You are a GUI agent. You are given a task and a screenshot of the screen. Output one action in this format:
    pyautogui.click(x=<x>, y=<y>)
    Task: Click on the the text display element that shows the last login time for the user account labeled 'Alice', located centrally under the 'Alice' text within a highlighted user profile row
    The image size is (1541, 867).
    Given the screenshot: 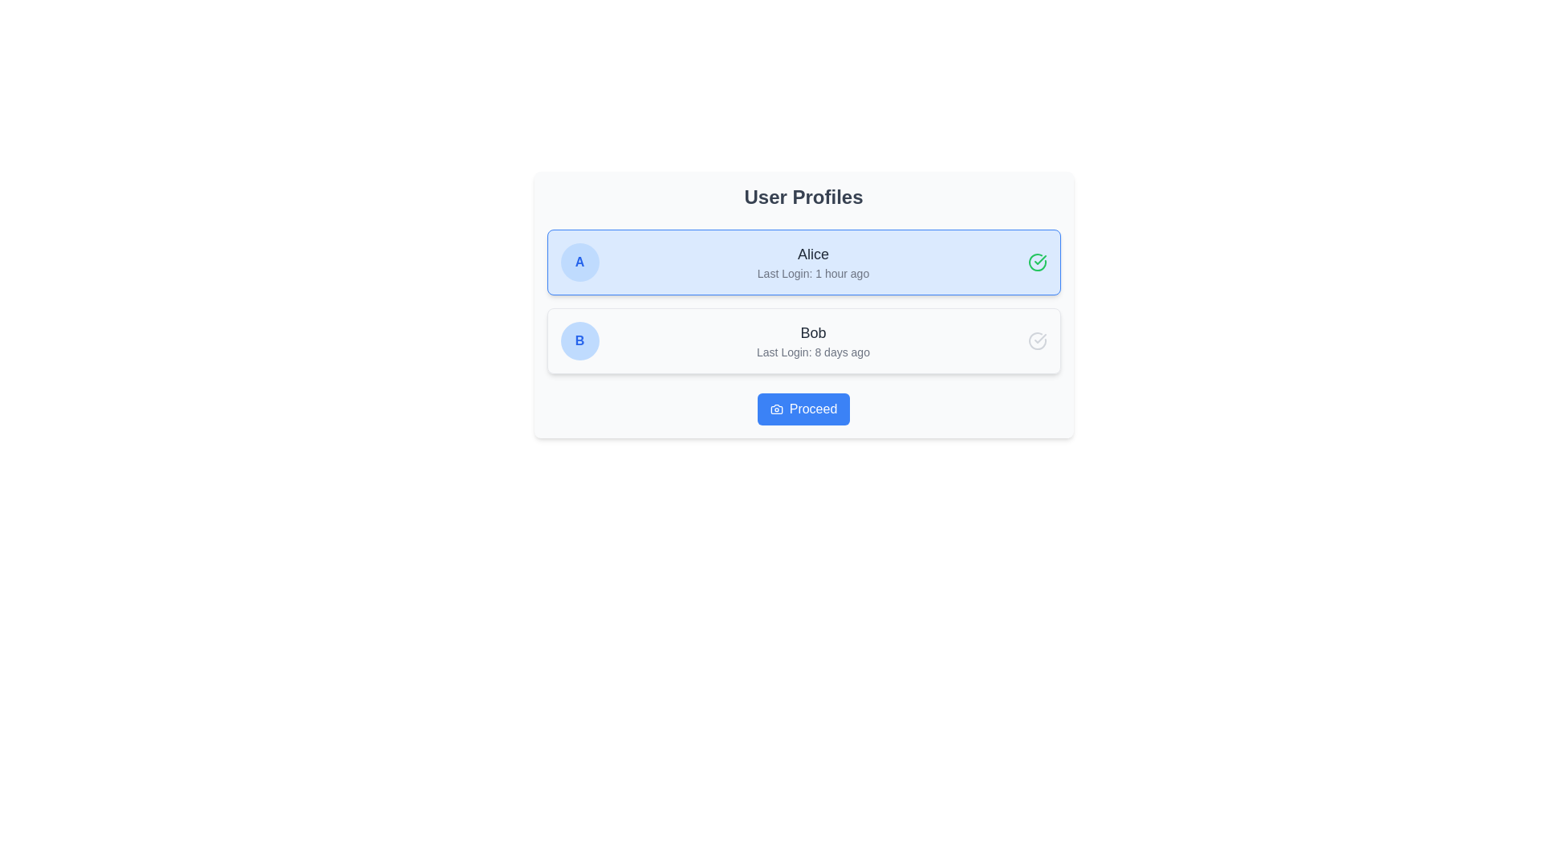 What is the action you would take?
    pyautogui.click(x=813, y=272)
    